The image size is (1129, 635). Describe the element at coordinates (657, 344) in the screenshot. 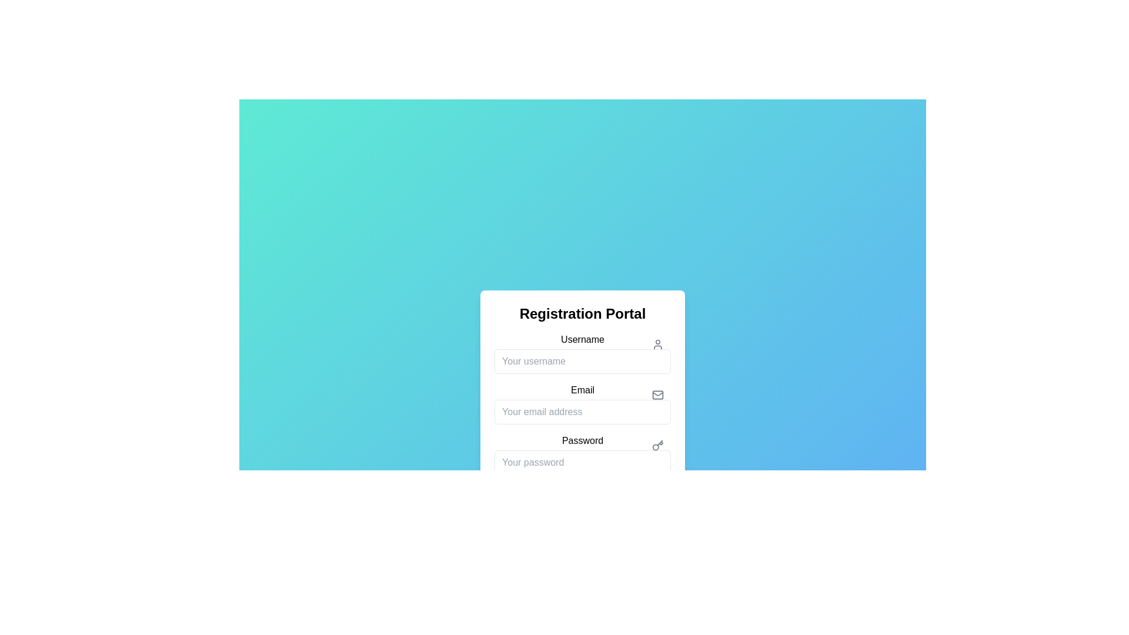

I see `the icon representing the 'Username' field, located in the top-right corner of the input field` at that location.